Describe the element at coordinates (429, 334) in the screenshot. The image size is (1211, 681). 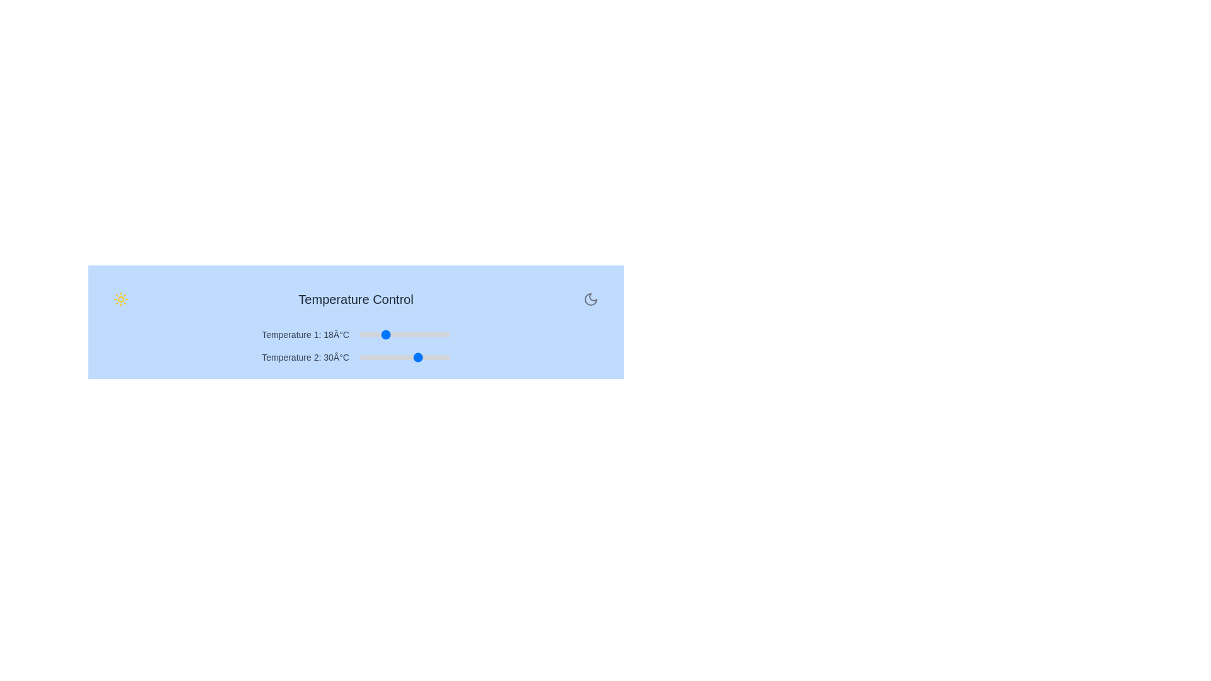
I see `Temperature 1` at that location.